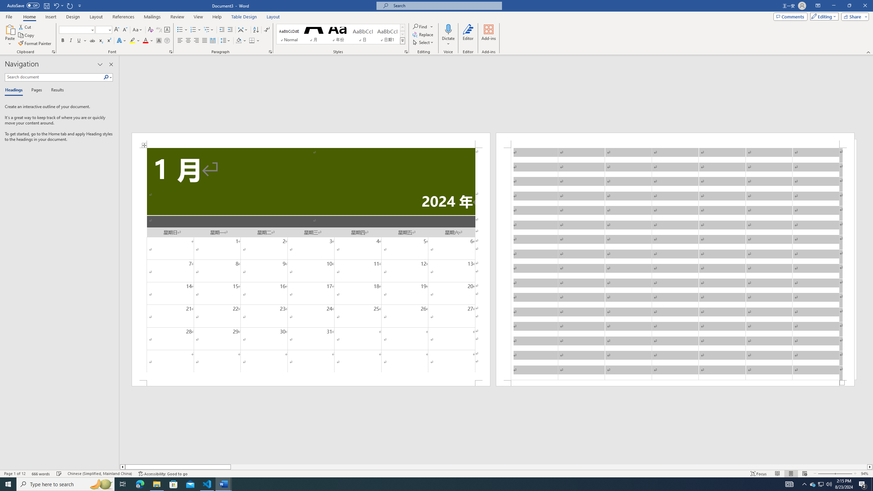 The width and height of the screenshot is (873, 491). I want to click on 'Multilevel List', so click(208, 30).